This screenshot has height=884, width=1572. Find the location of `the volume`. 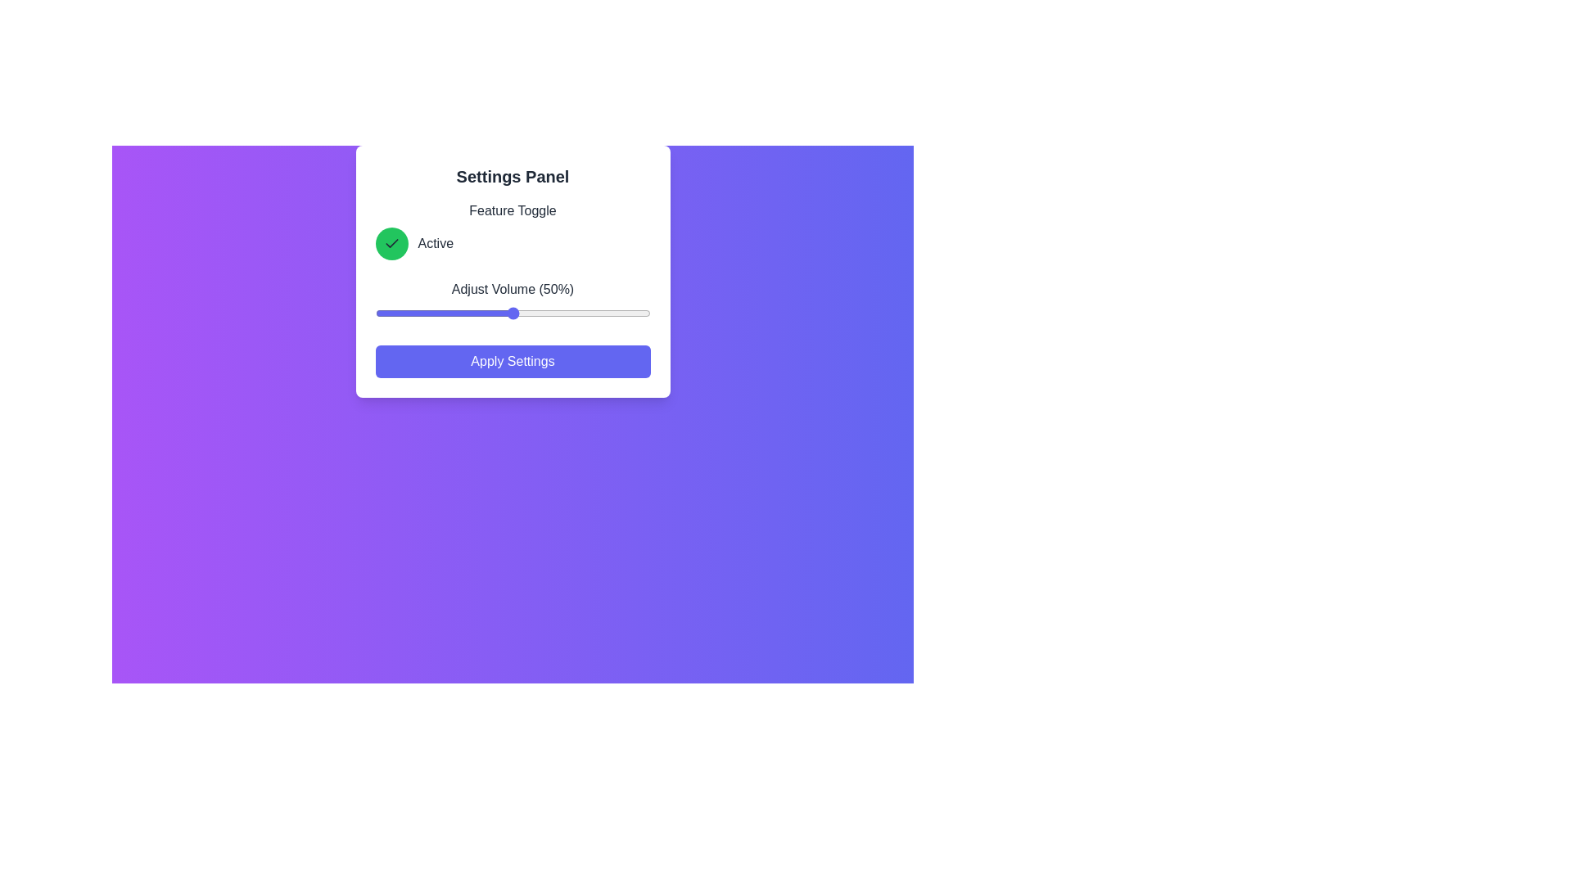

the volume is located at coordinates (444, 313).